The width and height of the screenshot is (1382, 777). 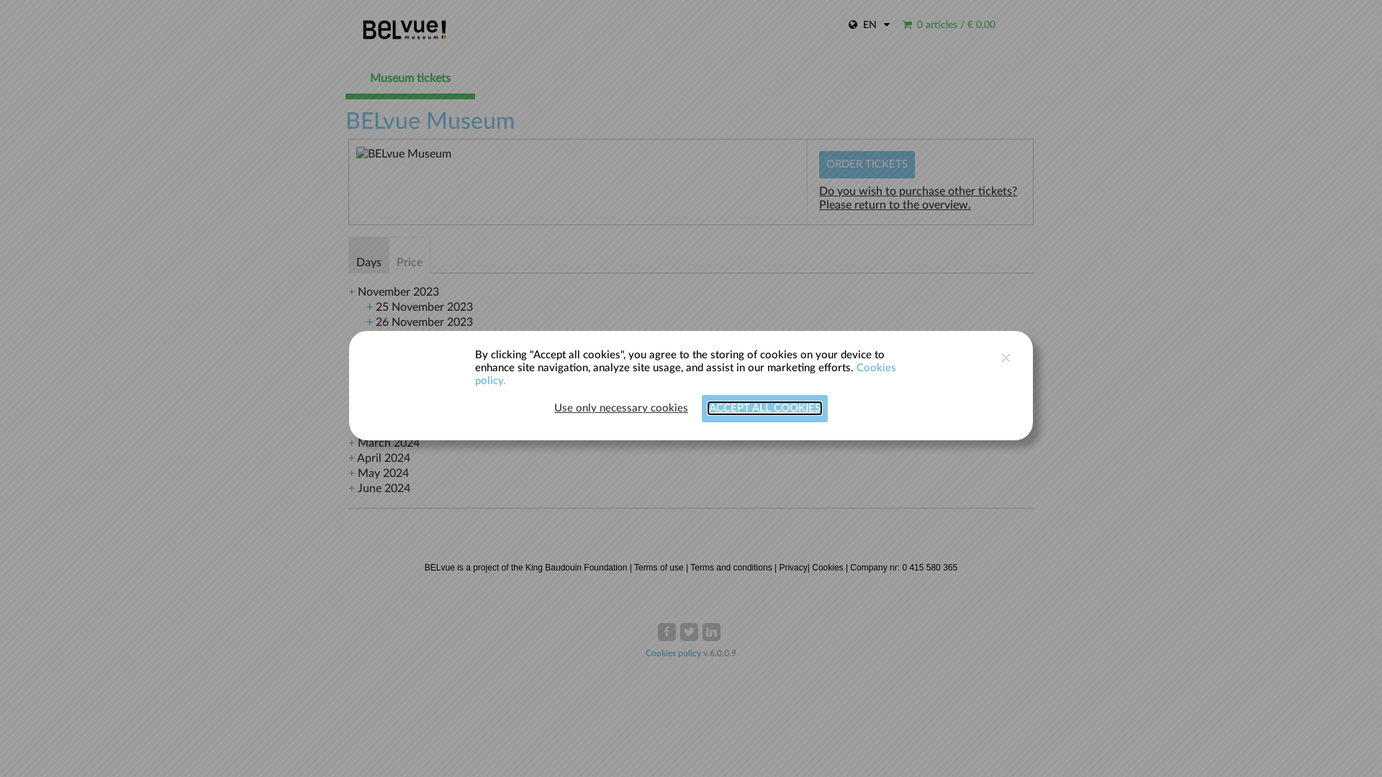 I want to click on '28 November 2023', so click(x=423, y=352).